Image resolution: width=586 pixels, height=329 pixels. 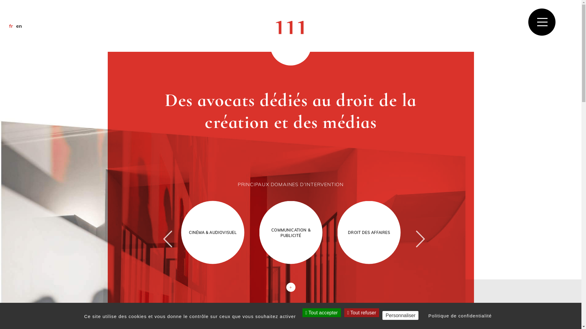 I want to click on 'DROIT DES AFFAIRES', so click(x=372, y=236).